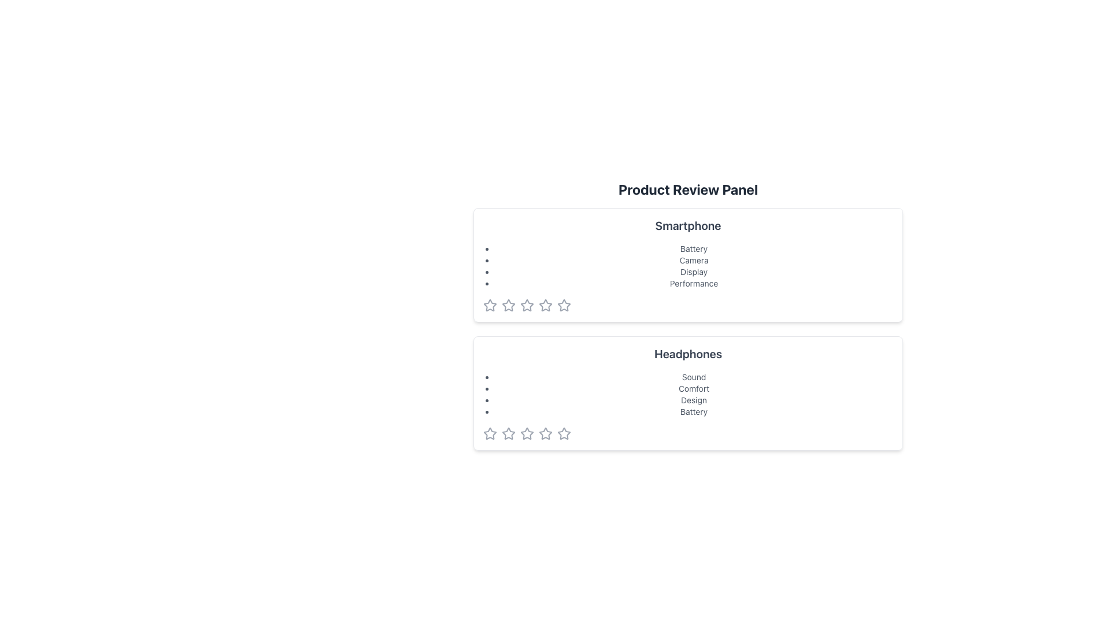 This screenshot has height=624, width=1110. What do you see at coordinates (694, 377) in the screenshot?
I see `the 'Sound' text label, which is the first item in the list under the 'Headphones' section, styled in a modern sans-serif font` at bounding box center [694, 377].